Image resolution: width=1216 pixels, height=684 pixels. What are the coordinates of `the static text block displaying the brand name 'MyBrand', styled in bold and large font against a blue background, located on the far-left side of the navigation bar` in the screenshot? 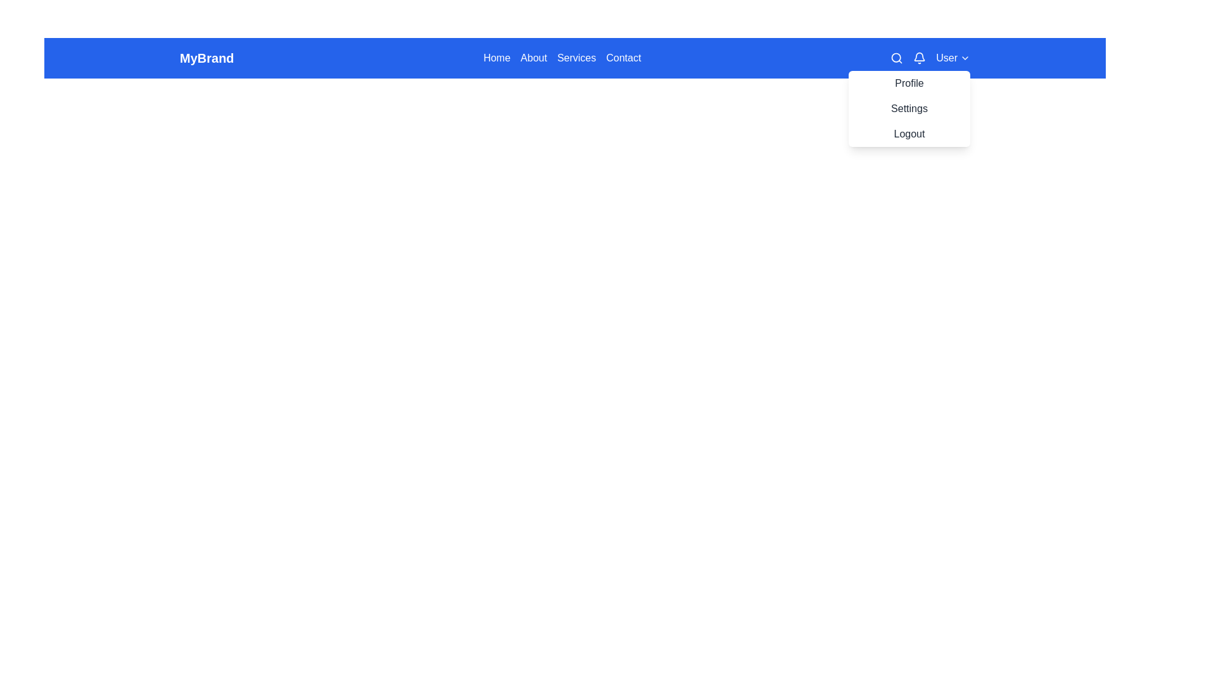 It's located at (206, 58).